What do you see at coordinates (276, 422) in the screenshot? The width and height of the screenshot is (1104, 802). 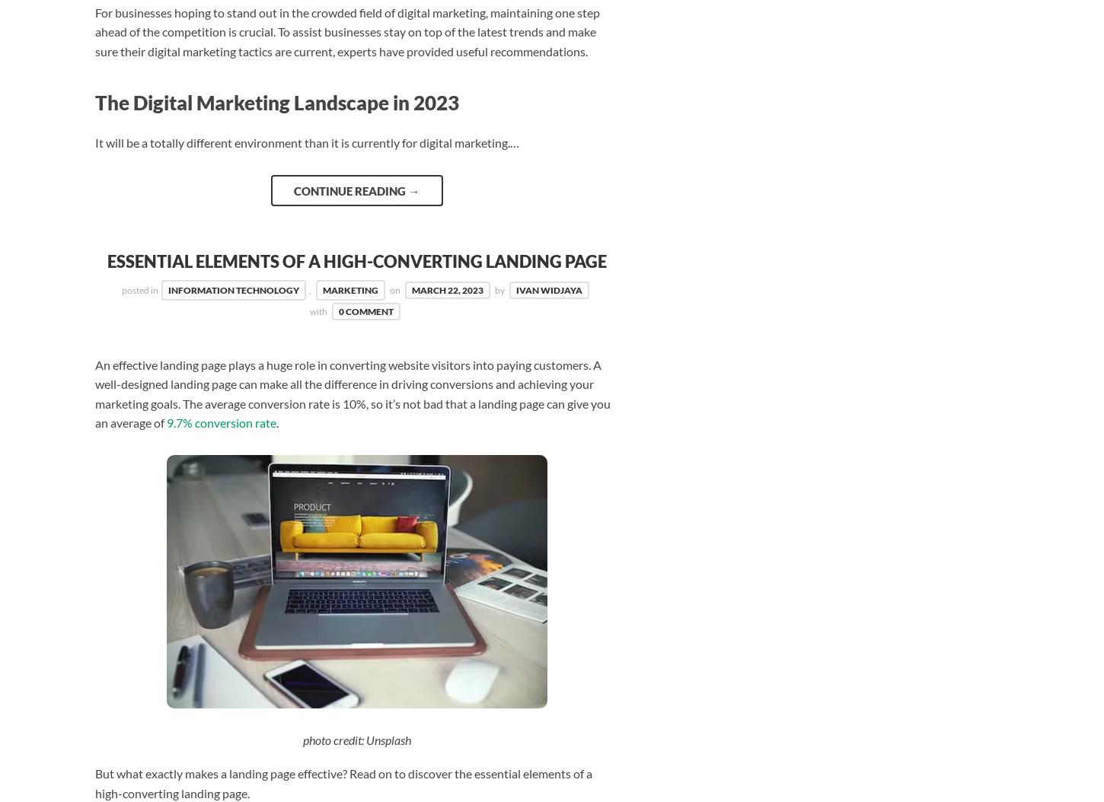 I see `'.'` at bounding box center [276, 422].